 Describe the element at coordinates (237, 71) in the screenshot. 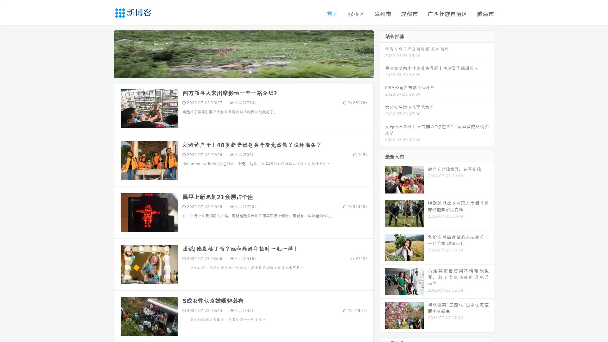

I see `Go to slide 1` at that location.